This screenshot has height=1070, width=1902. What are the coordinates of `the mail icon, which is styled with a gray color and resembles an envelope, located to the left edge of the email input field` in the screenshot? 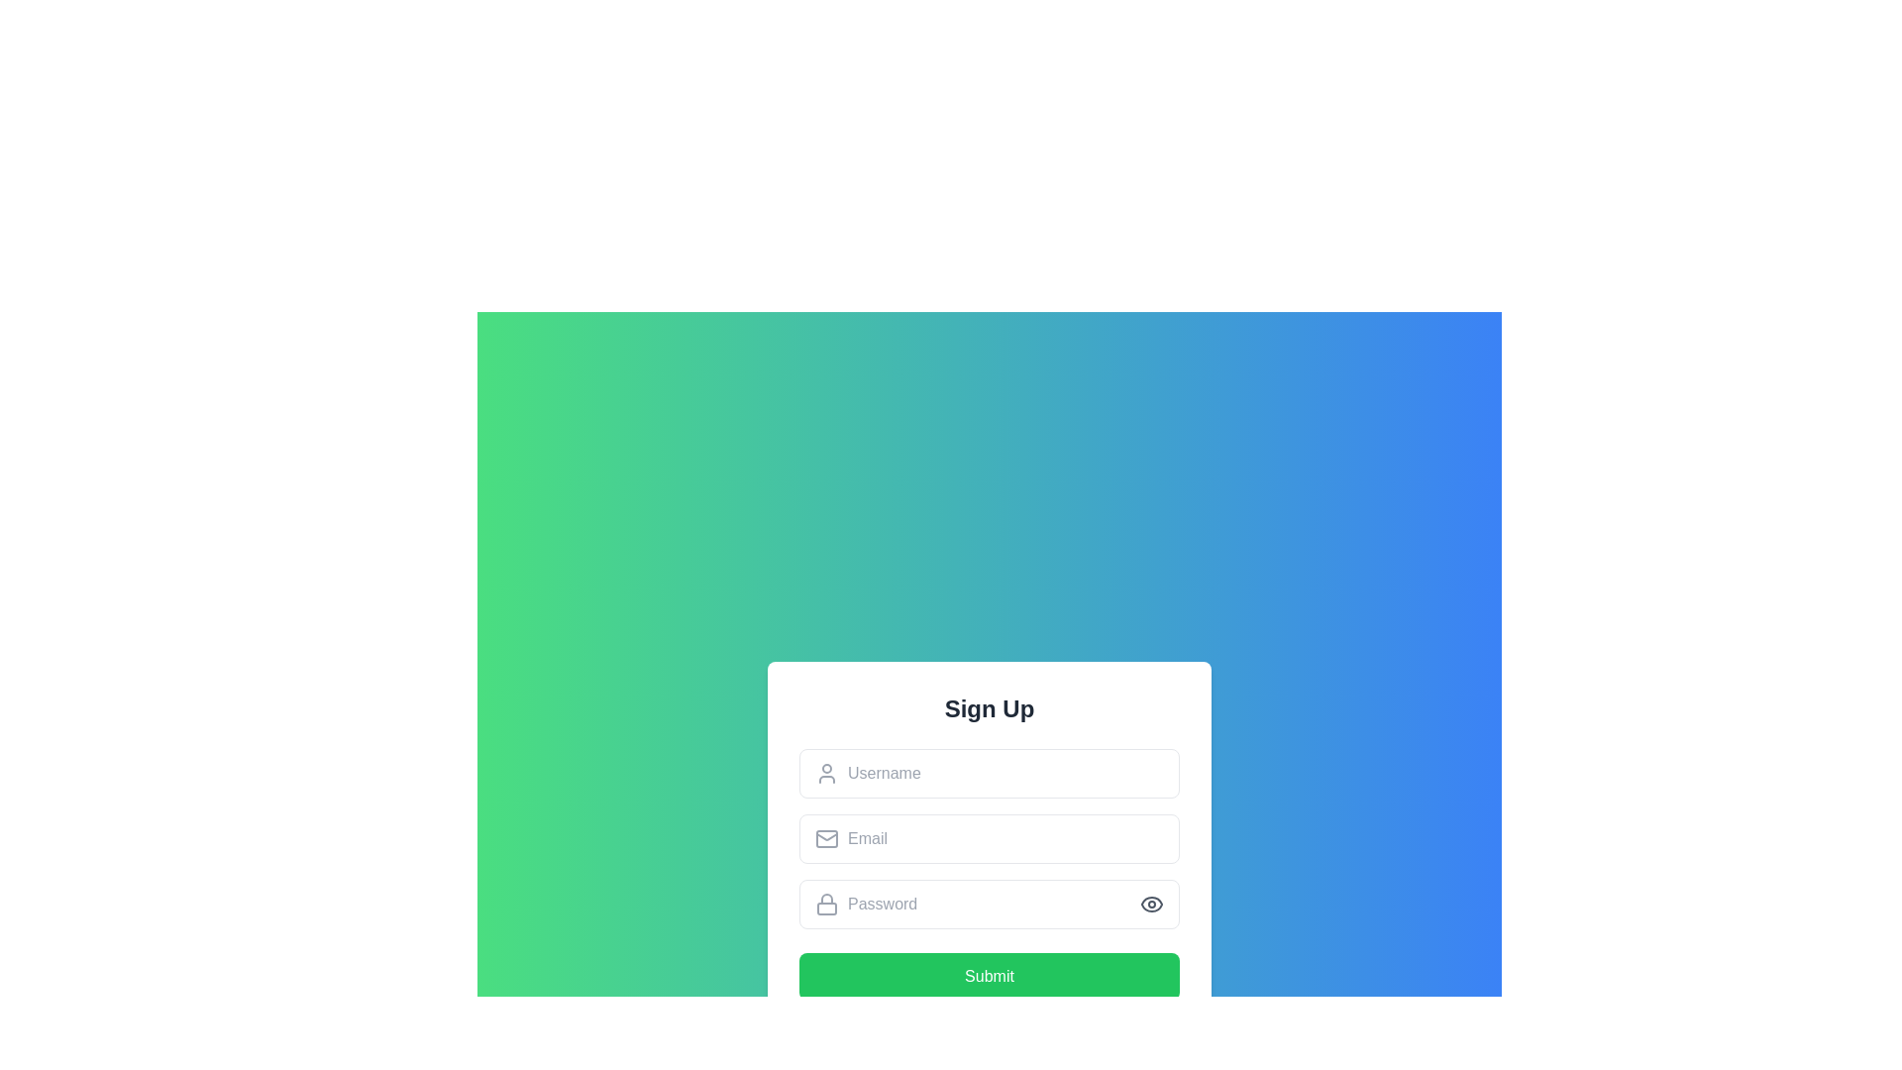 It's located at (827, 839).